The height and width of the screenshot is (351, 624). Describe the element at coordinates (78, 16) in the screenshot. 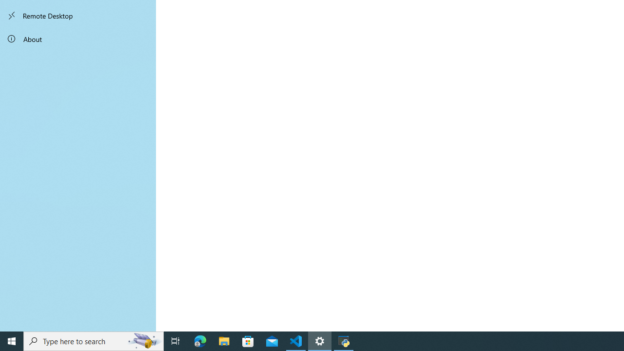

I see `'Remote Desktop'` at that location.